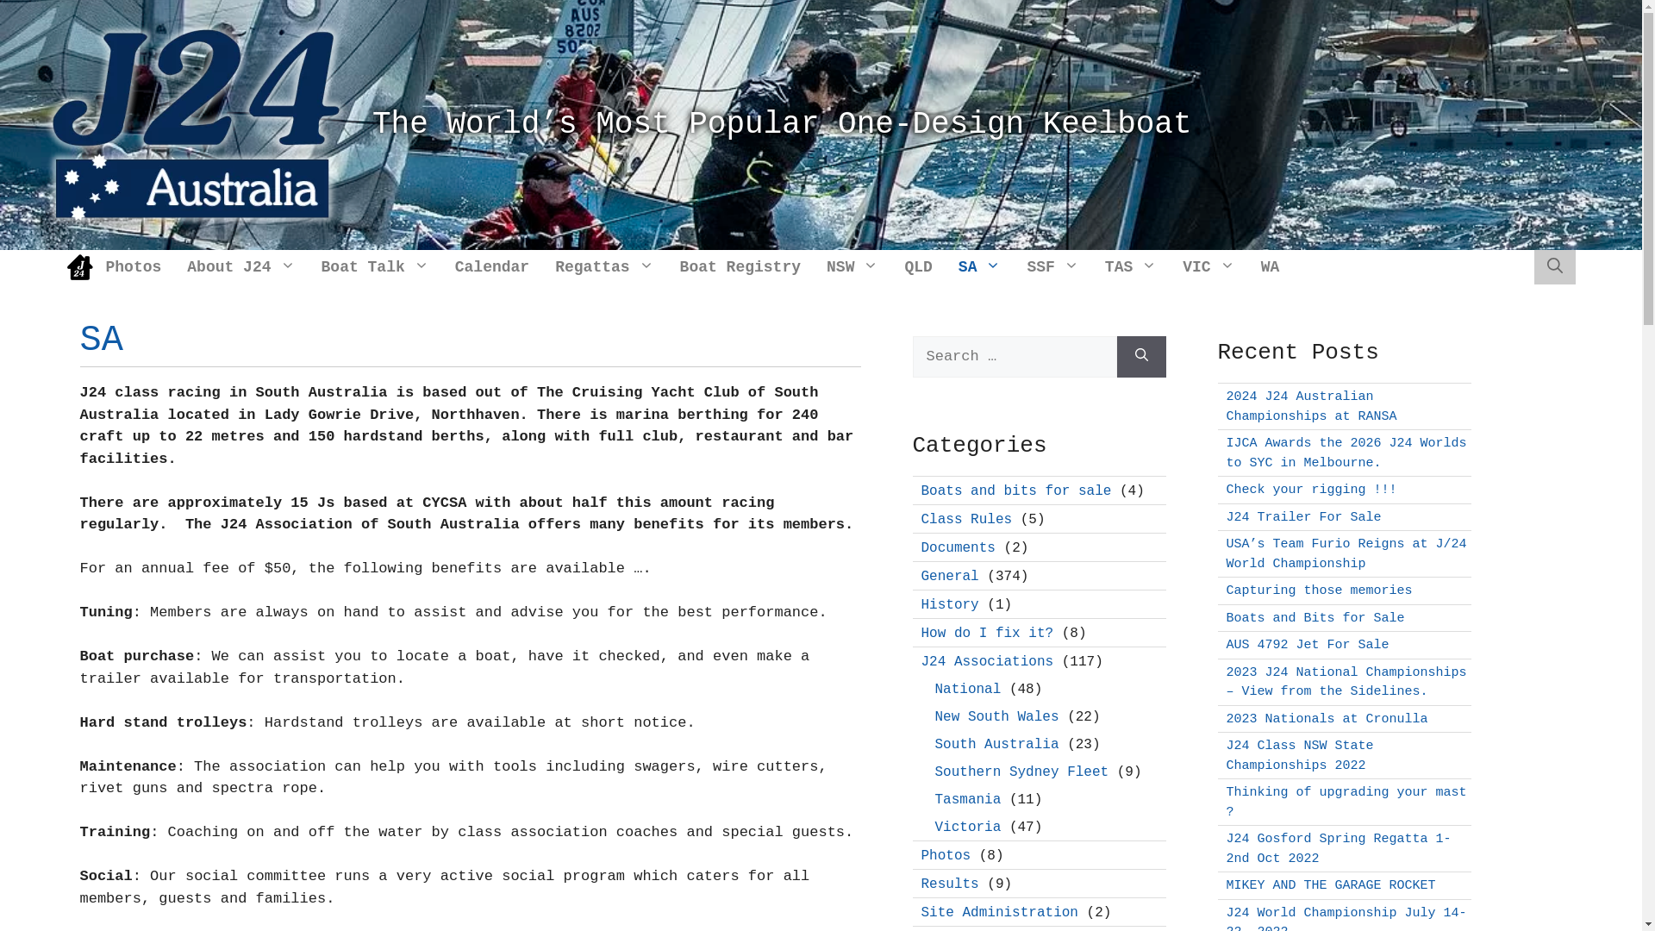  I want to click on 'Results', so click(948, 884).